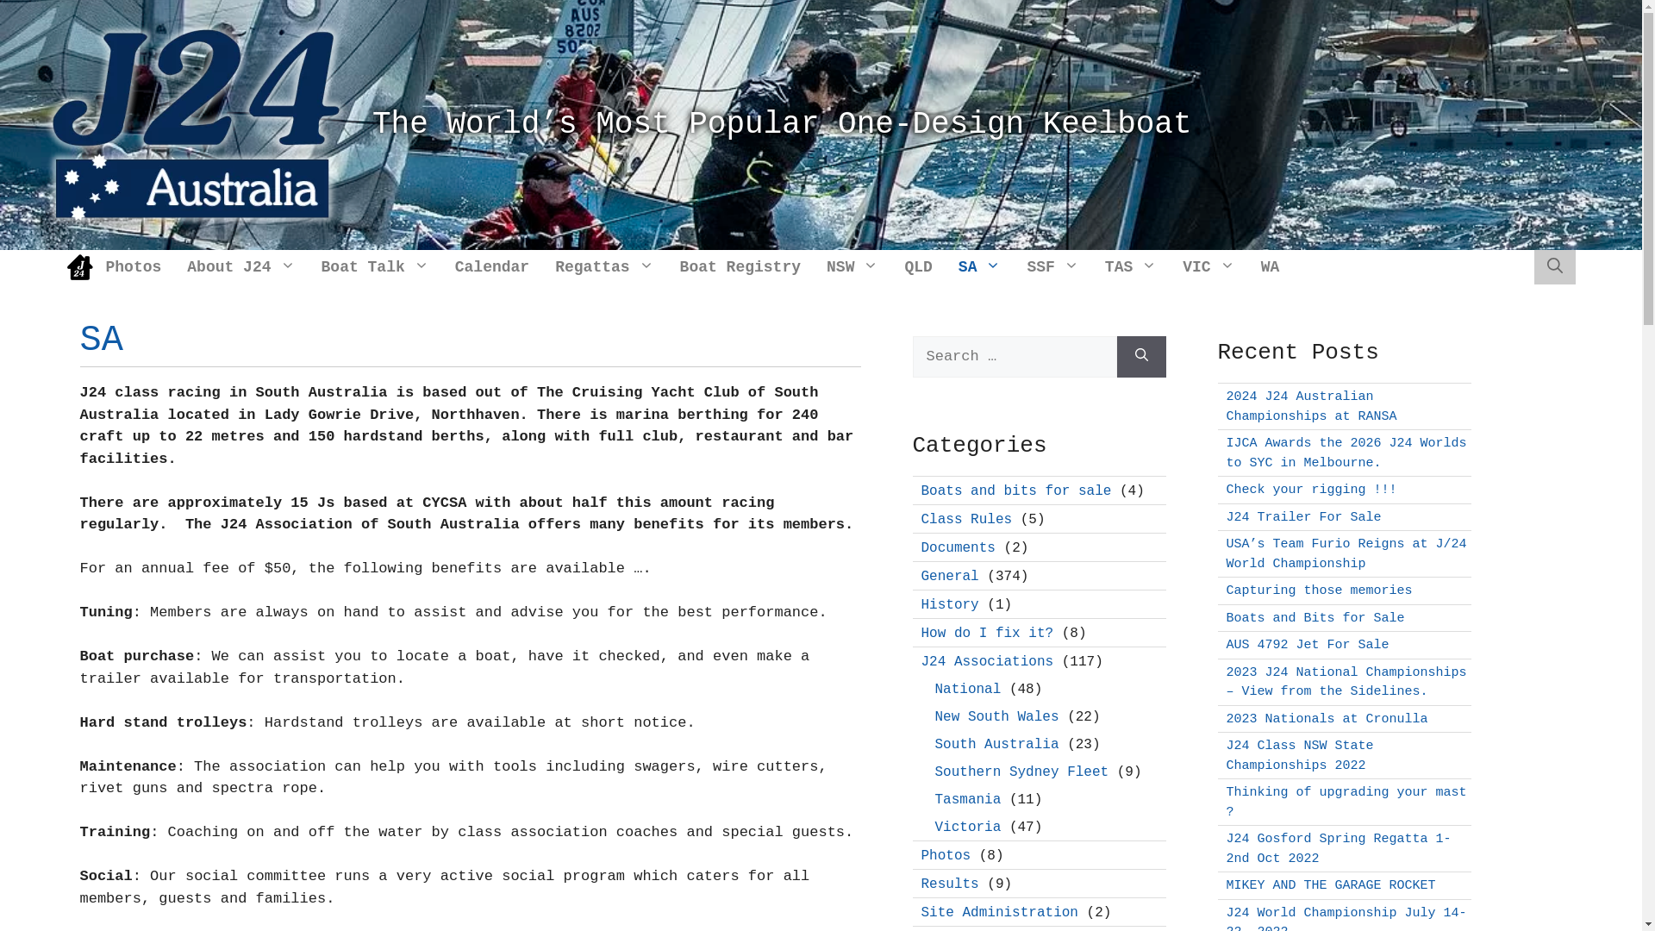  I want to click on 'Results', so click(948, 884).